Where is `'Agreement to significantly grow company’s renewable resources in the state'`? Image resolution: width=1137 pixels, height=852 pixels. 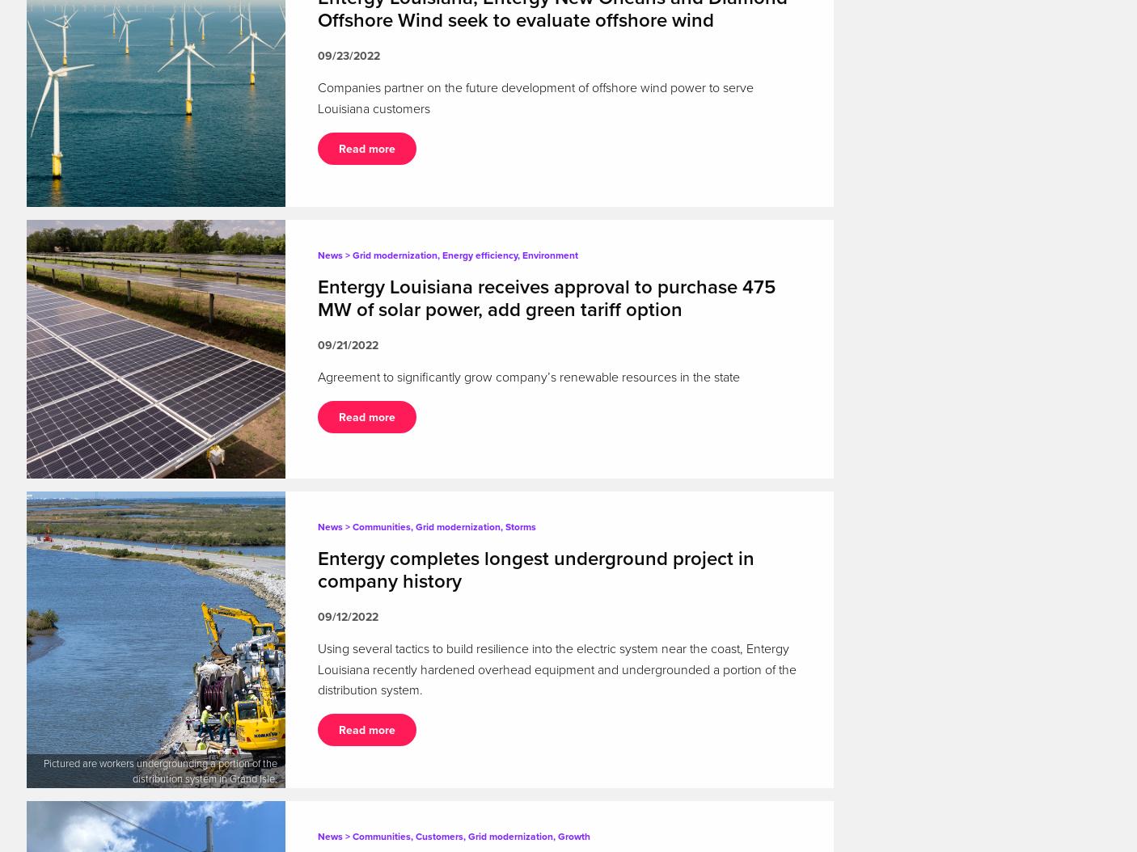
'Agreement to significantly grow company’s renewable resources in the state' is located at coordinates (528, 377).